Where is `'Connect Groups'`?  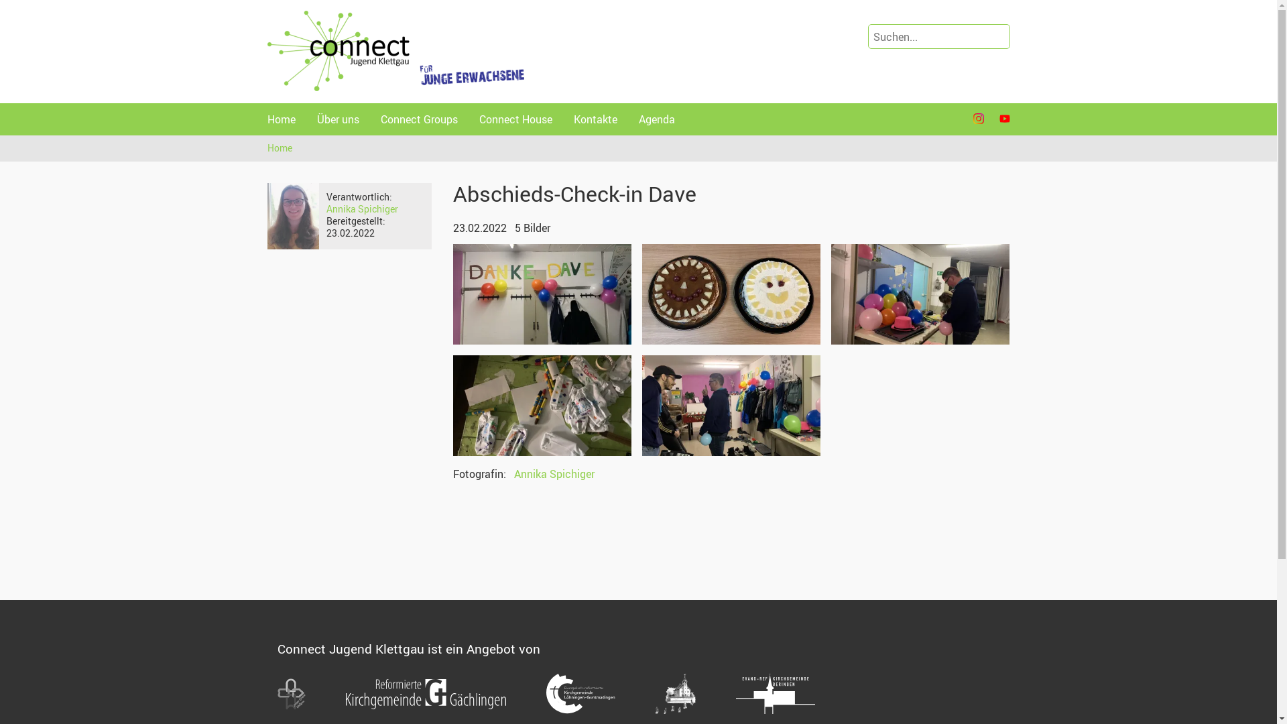 'Connect Groups' is located at coordinates (418, 118).